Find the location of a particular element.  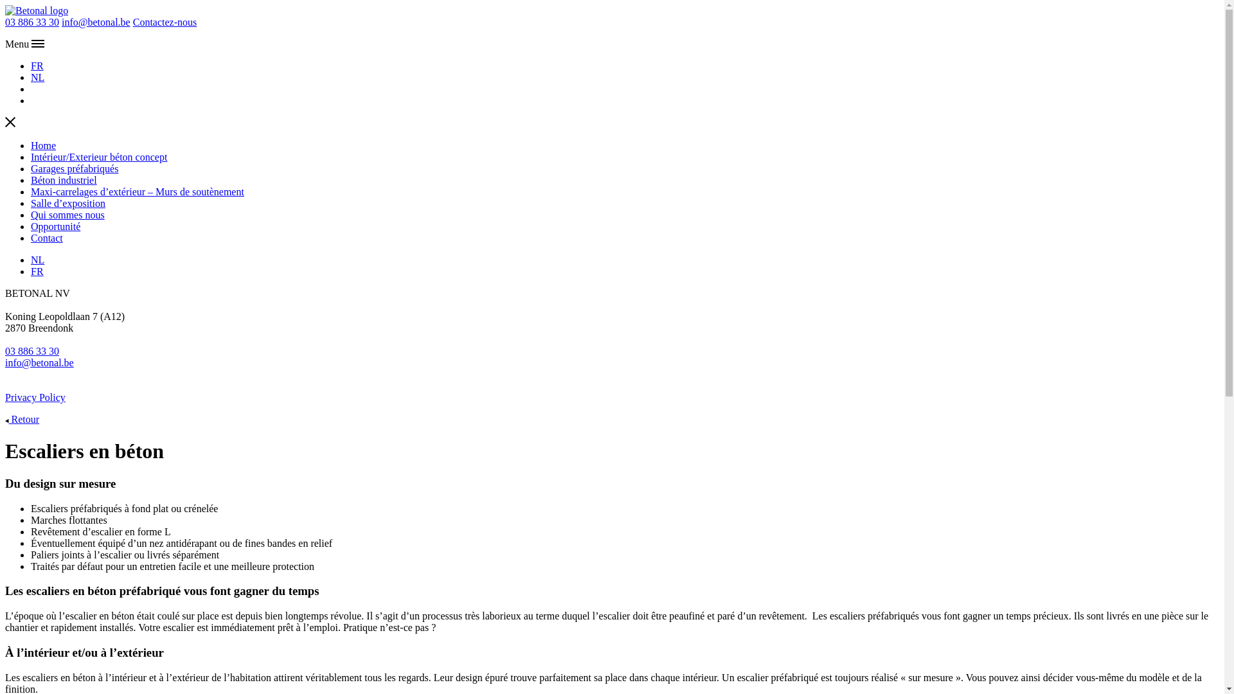

'Qui sommes nous' is located at coordinates (67, 214).